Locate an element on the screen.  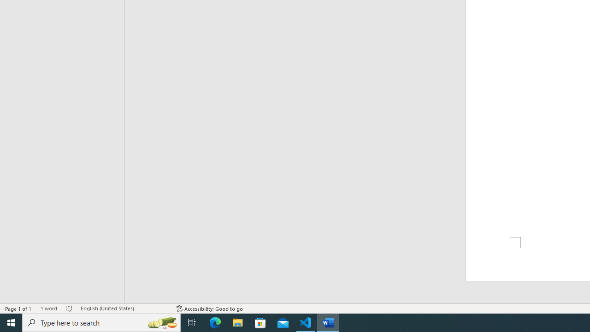
'Spelling and Grammar Check No Errors' is located at coordinates (69, 308).